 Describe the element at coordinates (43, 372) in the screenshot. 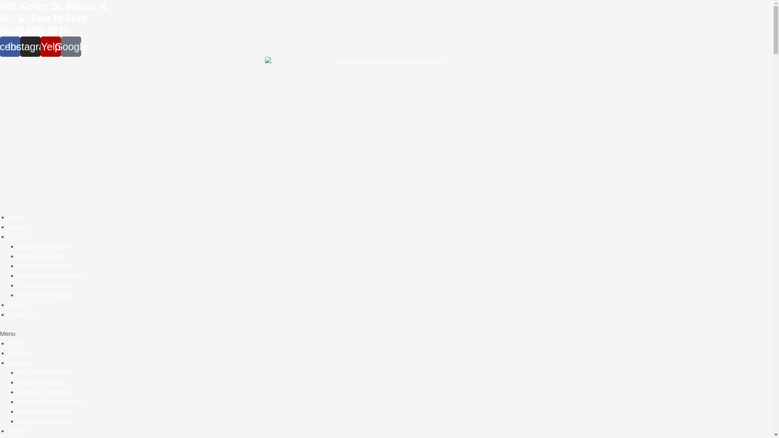

I see `'Basement Remodel'` at that location.